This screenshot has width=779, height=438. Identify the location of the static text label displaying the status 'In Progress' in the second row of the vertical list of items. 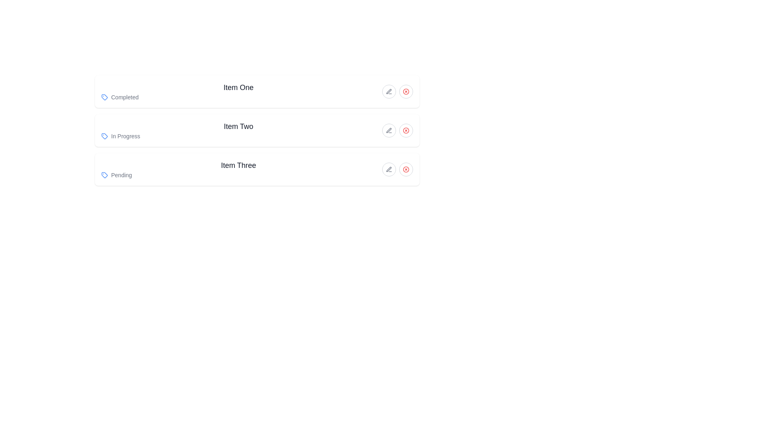
(125, 135).